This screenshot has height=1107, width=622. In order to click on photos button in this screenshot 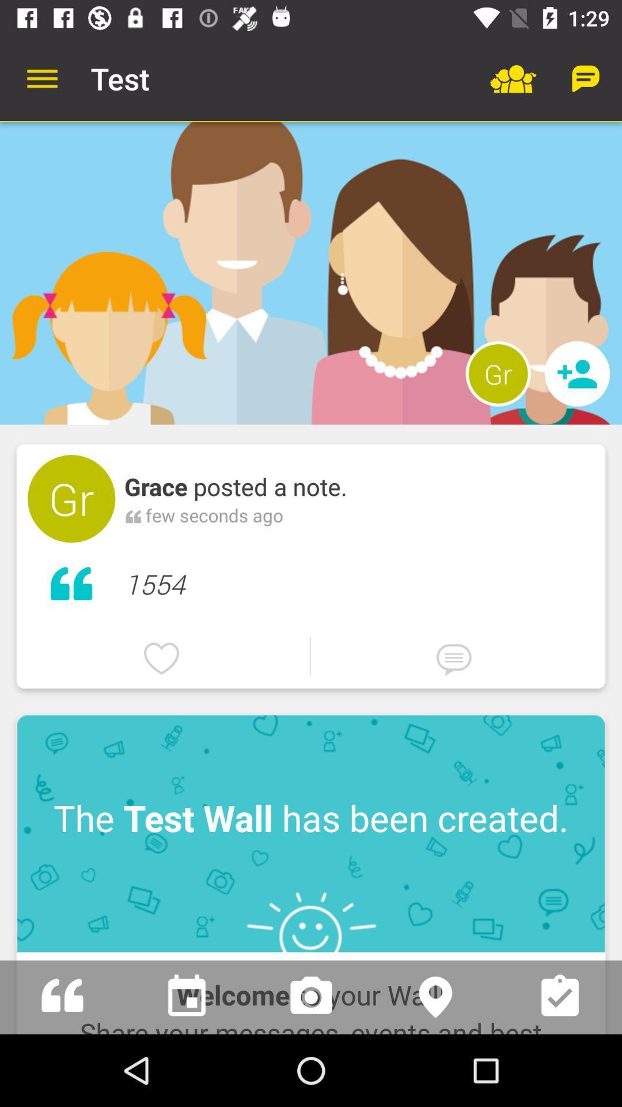, I will do `click(311, 996)`.